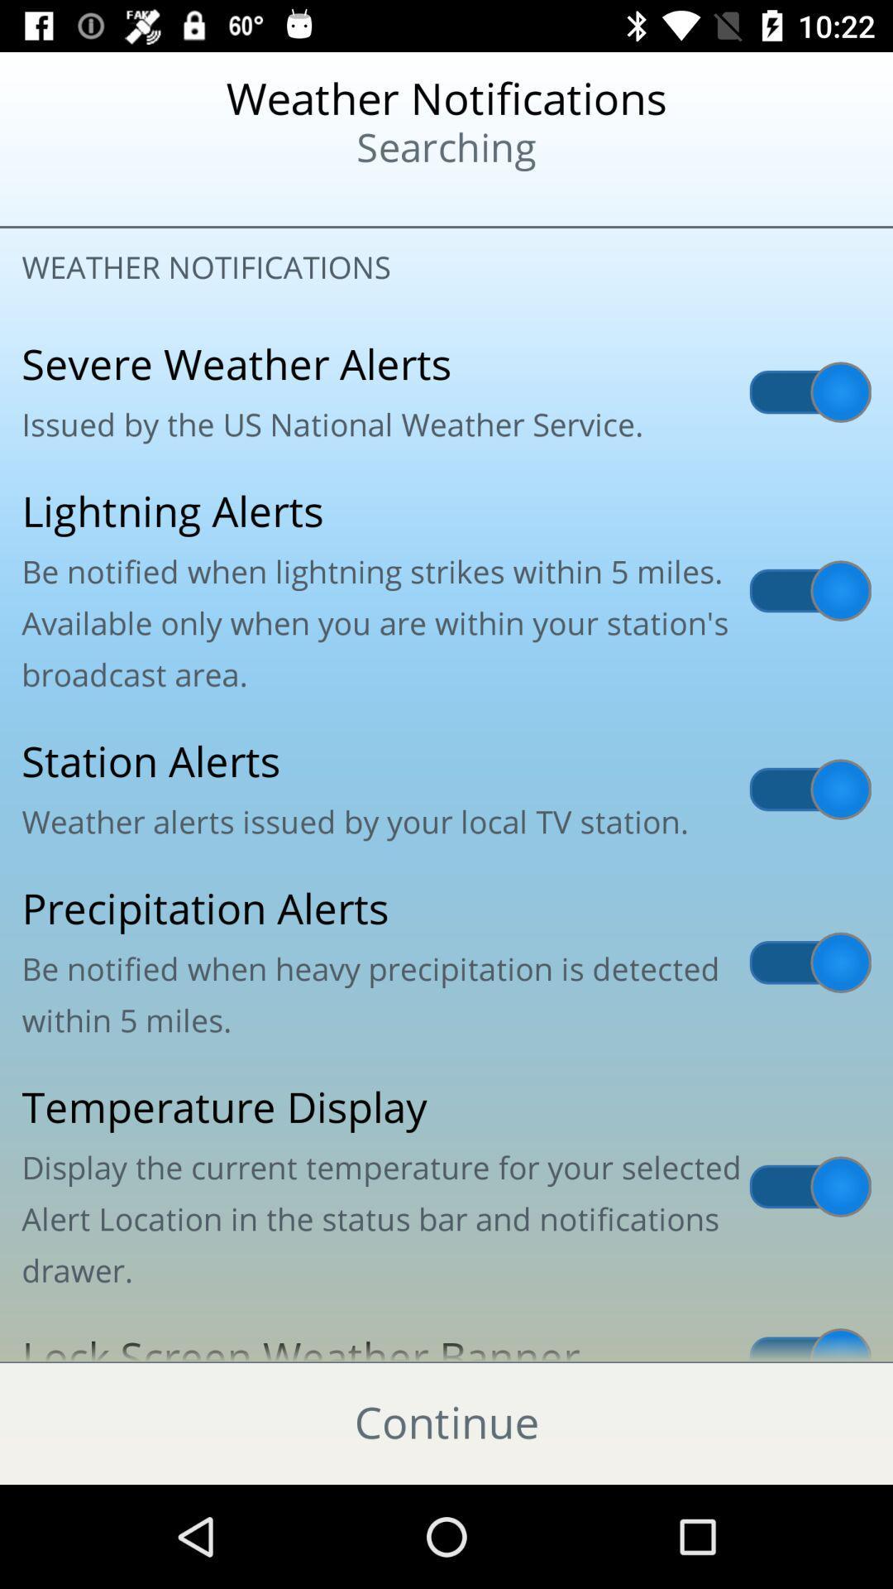  Describe the element at coordinates (446, 1337) in the screenshot. I see `item below the temperature display display item` at that location.